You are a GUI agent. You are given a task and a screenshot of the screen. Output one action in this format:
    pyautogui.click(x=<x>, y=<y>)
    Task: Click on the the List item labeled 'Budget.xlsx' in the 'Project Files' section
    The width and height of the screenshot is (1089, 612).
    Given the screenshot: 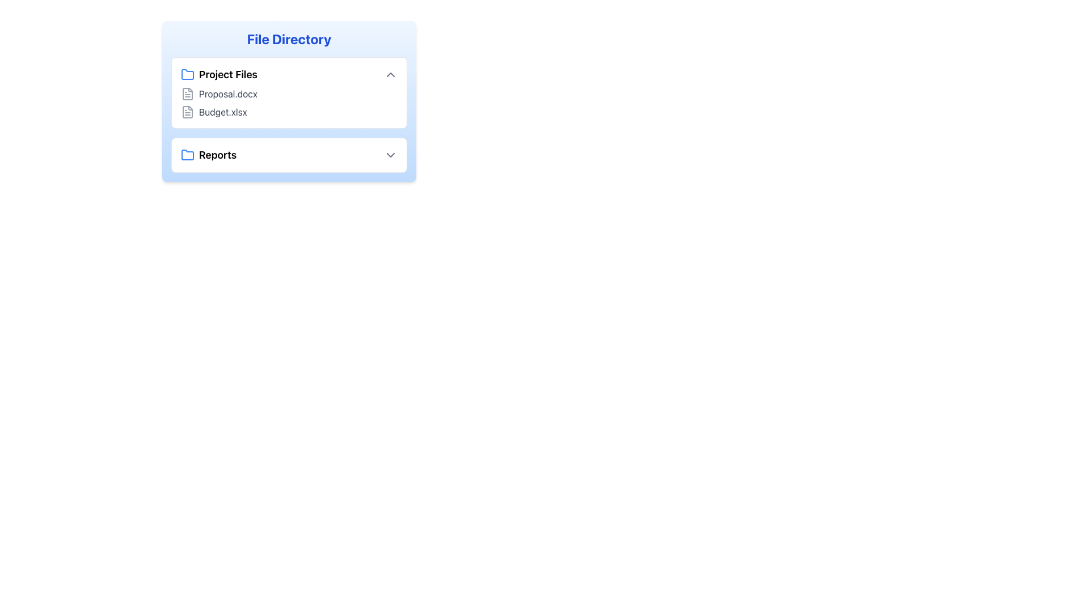 What is the action you would take?
    pyautogui.click(x=289, y=112)
    